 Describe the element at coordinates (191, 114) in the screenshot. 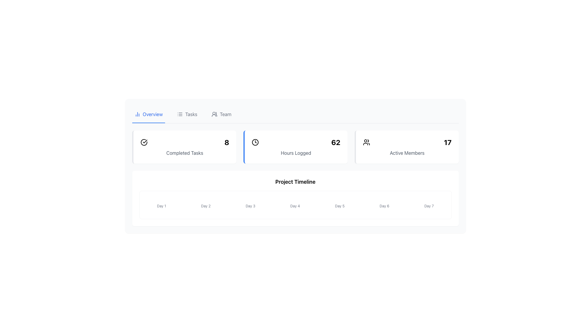

I see `the 'Tasks' text label located in the navigation bar, positioned between 'Overview' and 'Team'` at that location.